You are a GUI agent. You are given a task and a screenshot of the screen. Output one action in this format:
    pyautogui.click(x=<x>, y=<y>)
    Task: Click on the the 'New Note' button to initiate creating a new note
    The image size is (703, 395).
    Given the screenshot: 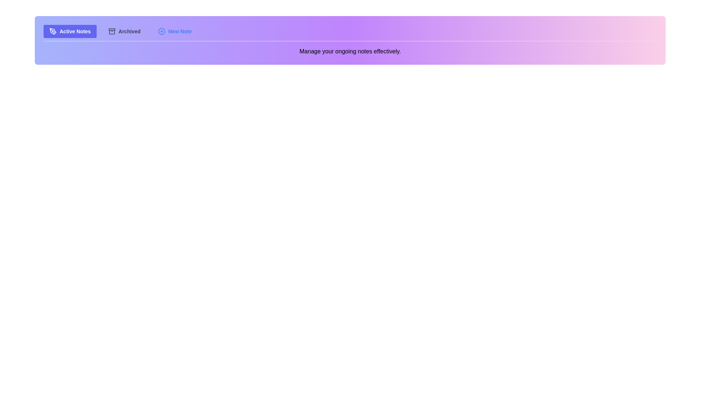 What is the action you would take?
    pyautogui.click(x=174, y=31)
    